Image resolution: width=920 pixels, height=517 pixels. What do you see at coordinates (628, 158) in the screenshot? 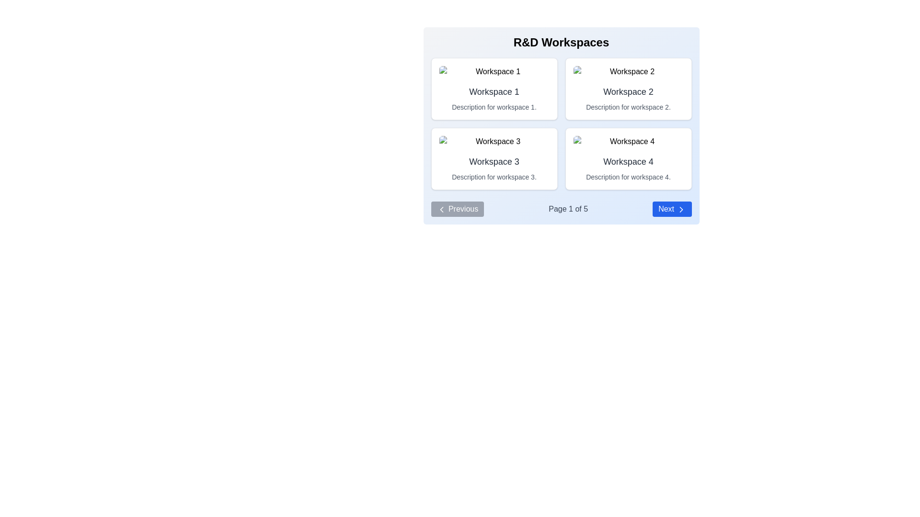
I see `the Informational card titled 'Workspace 4', which features a white background, rounded corners, and contains the title and description text centered within it` at bounding box center [628, 158].